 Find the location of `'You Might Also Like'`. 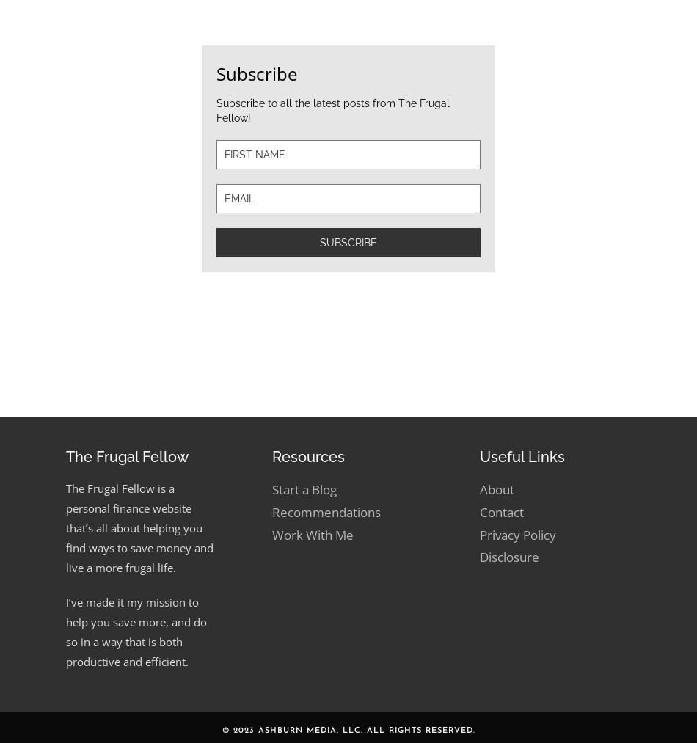

'You Might Also Like' is located at coordinates (98, 63).